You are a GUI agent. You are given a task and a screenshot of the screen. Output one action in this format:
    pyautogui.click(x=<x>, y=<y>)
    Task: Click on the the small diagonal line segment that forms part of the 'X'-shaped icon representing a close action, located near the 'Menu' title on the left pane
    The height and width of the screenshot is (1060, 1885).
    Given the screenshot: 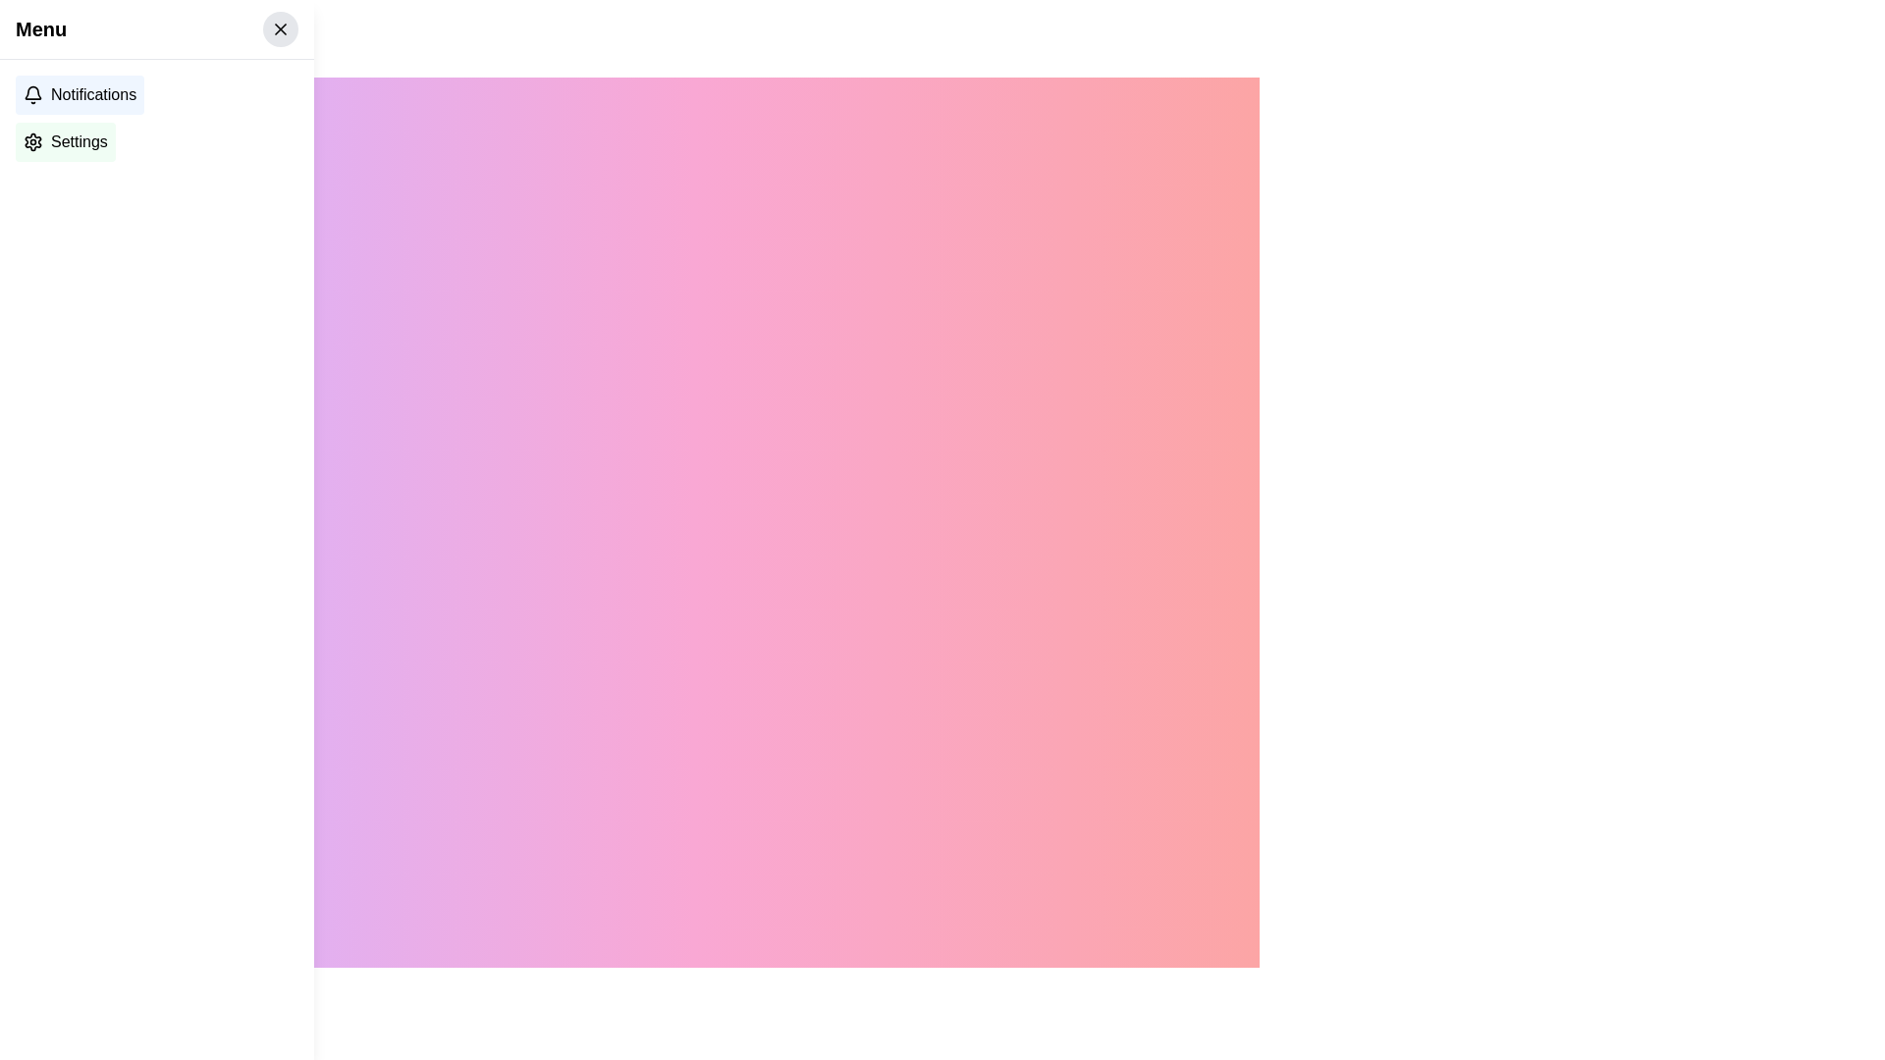 What is the action you would take?
    pyautogui.click(x=280, y=29)
    